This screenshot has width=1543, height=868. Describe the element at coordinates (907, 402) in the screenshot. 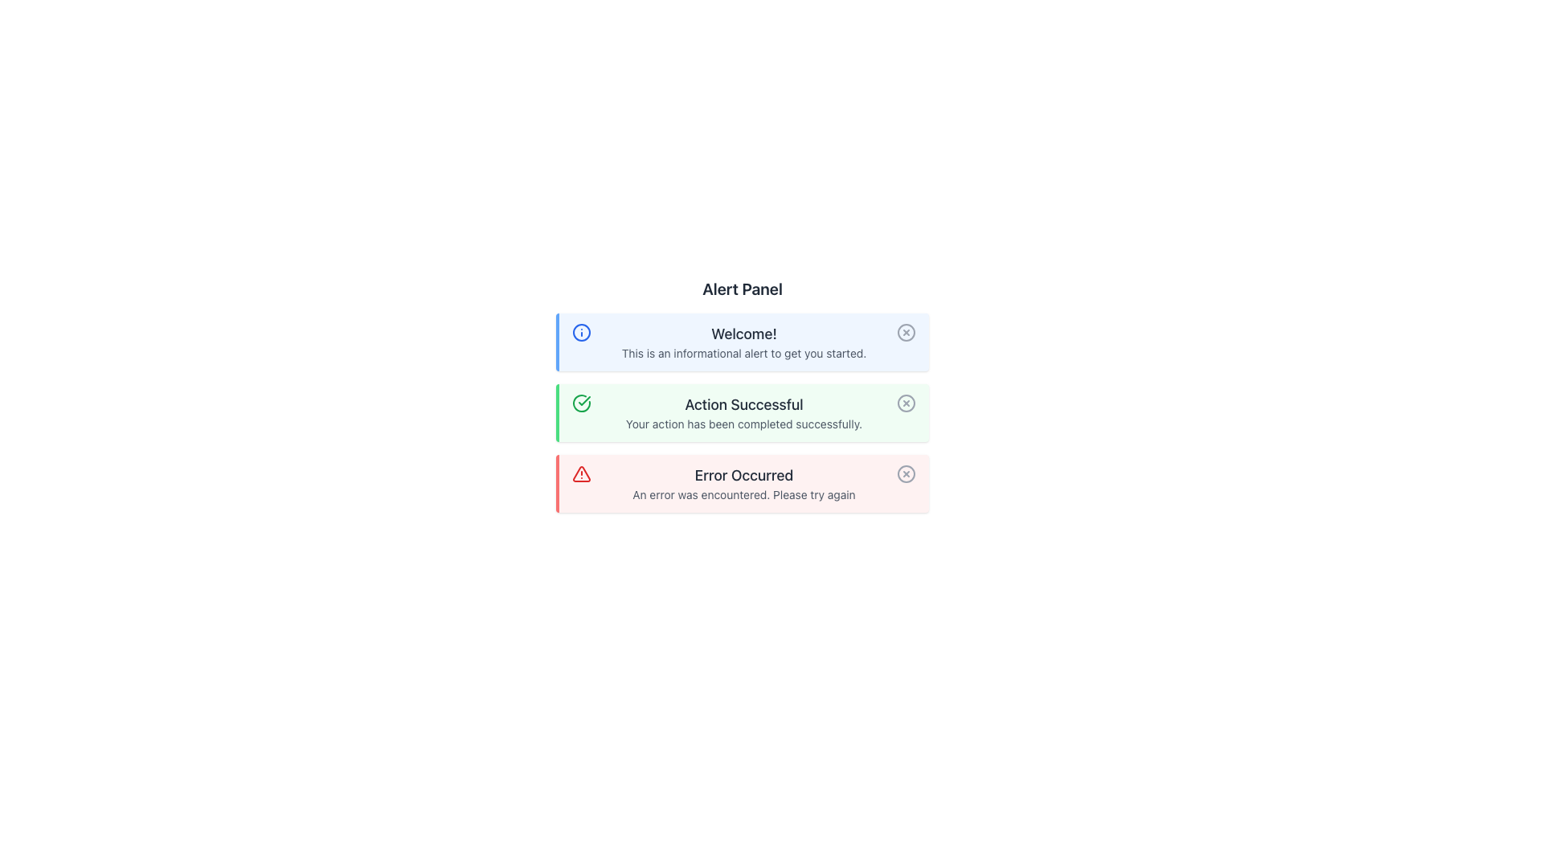

I see `the dismiss button located in the top-right corner of the 'Action Successful' alert panel` at that location.